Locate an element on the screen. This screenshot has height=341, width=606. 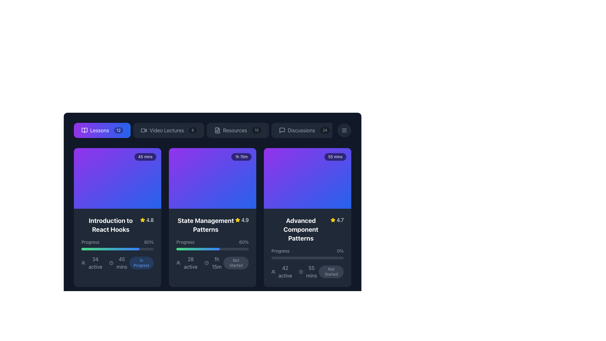
the playback button located at the center of the 'Introduction to React Hooks' card to activate hover effects is located at coordinates (117, 178).